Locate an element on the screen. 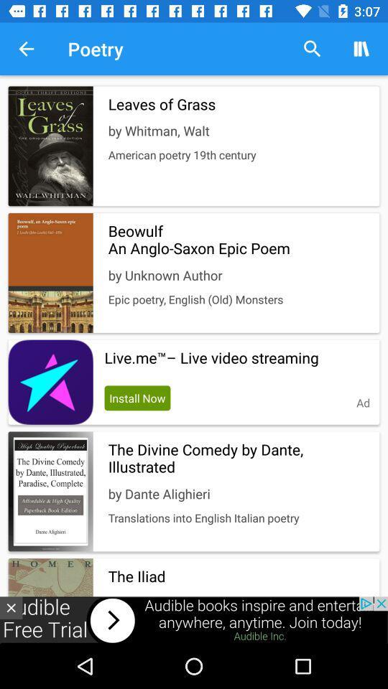 The width and height of the screenshot is (388, 689). advertisement is located at coordinates (10, 607).